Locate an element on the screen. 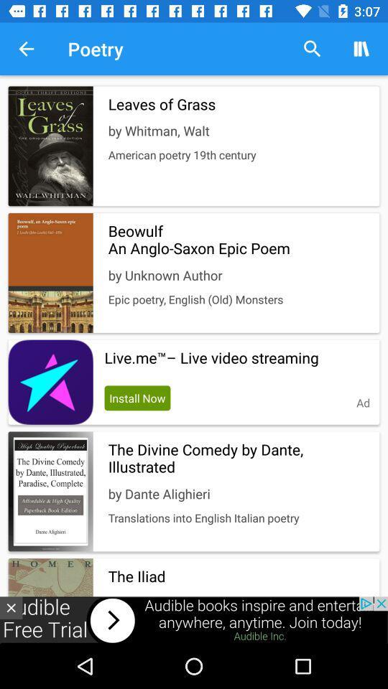 The width and height of the screenshot is (388, 689). advertisement is located at coordinates (10, 607).